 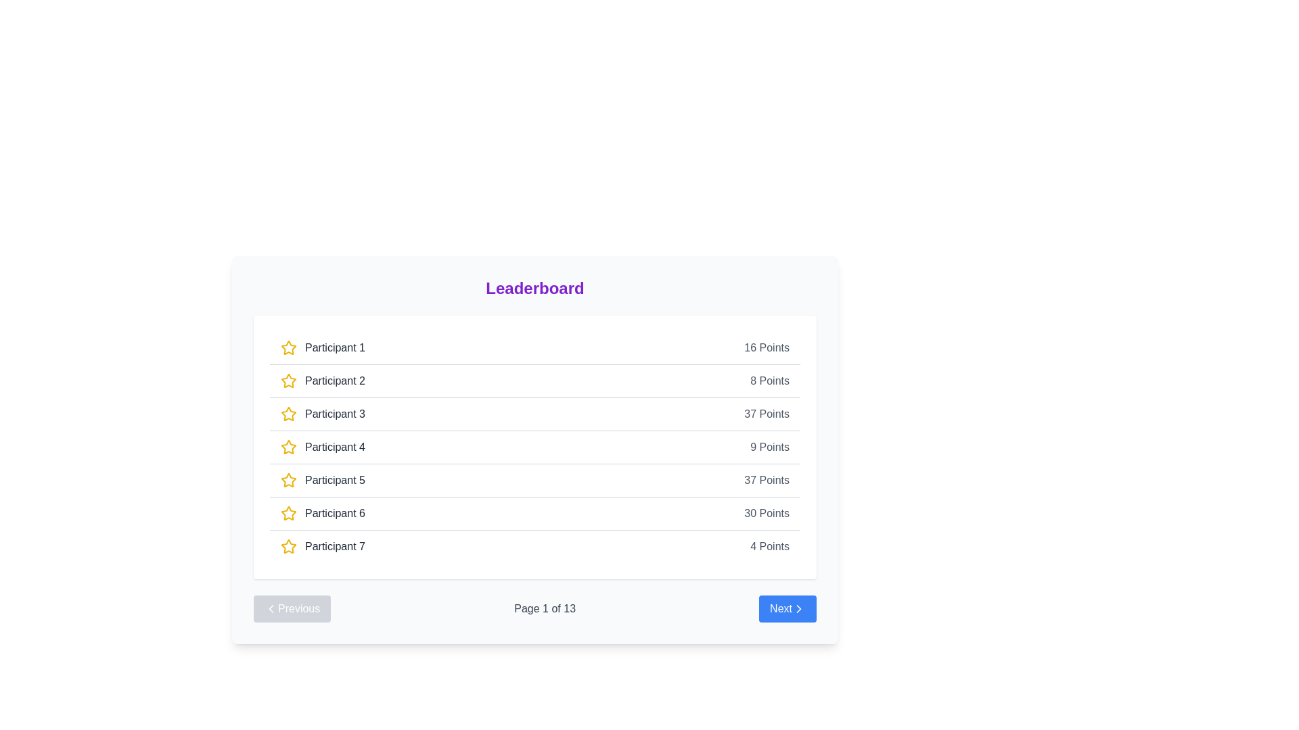 What do you see at coordinates (288, 381) in the screenshot?
I see `the star icon located to the left of 'Participant 2' in the second row of the leaderboard` at bounding box center [288, 381].